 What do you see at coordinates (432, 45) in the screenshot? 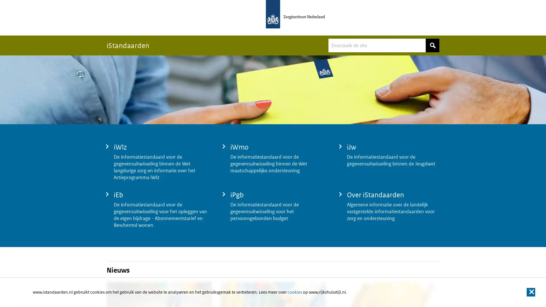
I see `Zoek` at bounding box center [432, 45].